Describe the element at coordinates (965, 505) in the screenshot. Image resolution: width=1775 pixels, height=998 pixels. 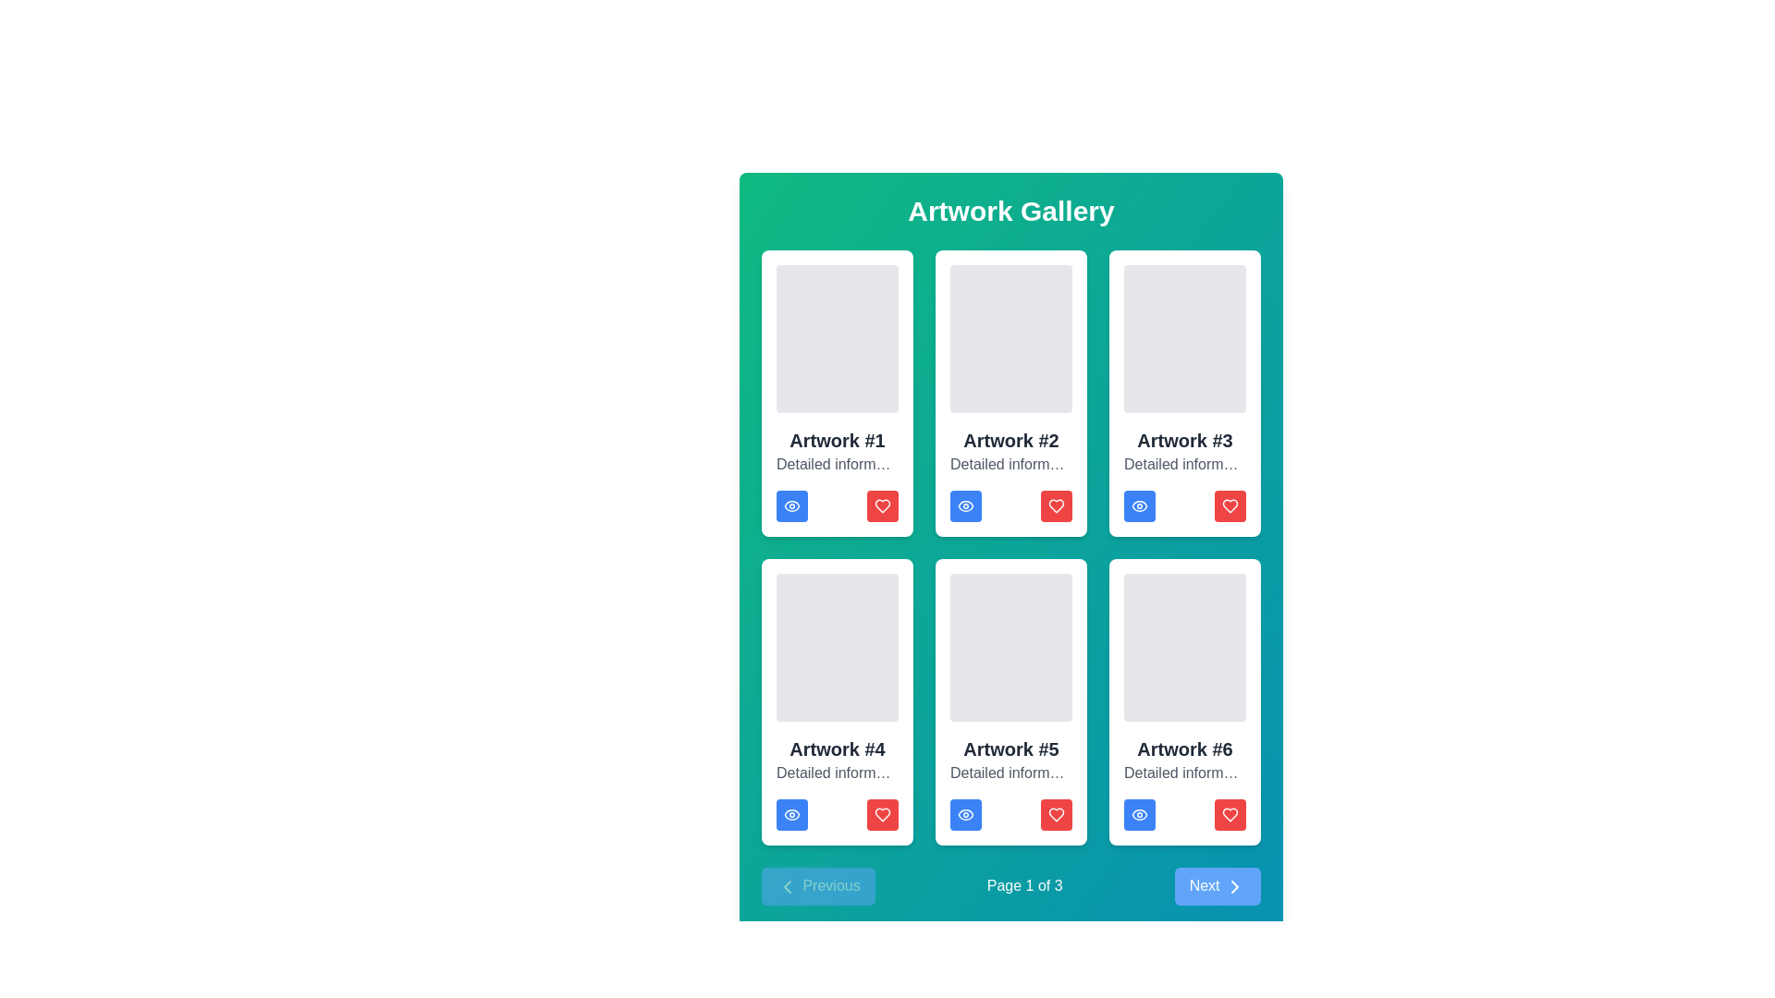
I see `the eye outline component located inside the blue action button below the 'Artwork #2' card in the first row, second column of the artwork gallery grid` at that location.